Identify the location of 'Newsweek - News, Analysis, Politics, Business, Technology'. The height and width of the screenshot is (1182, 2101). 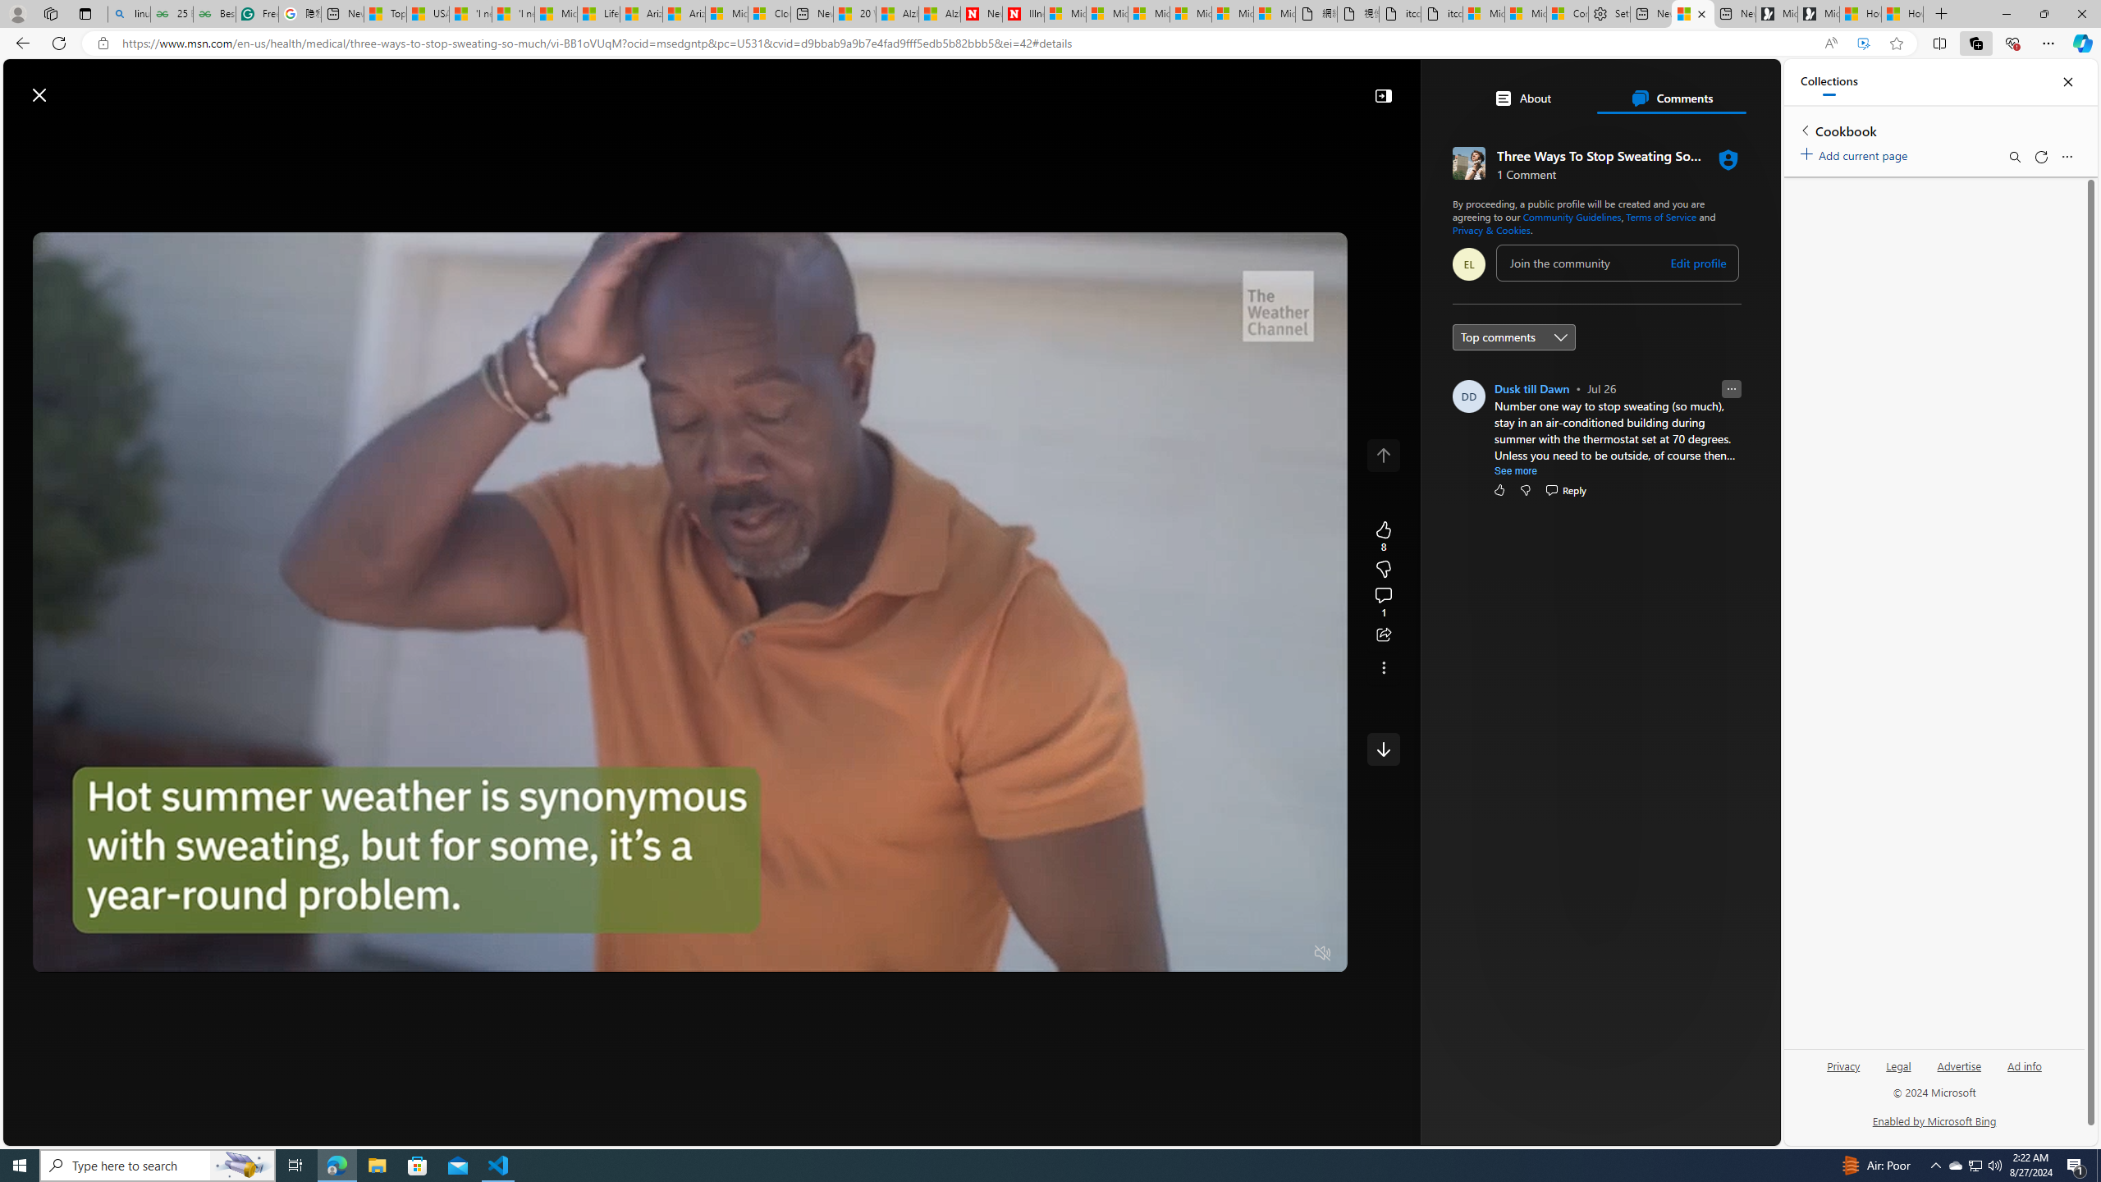
(980, 13).